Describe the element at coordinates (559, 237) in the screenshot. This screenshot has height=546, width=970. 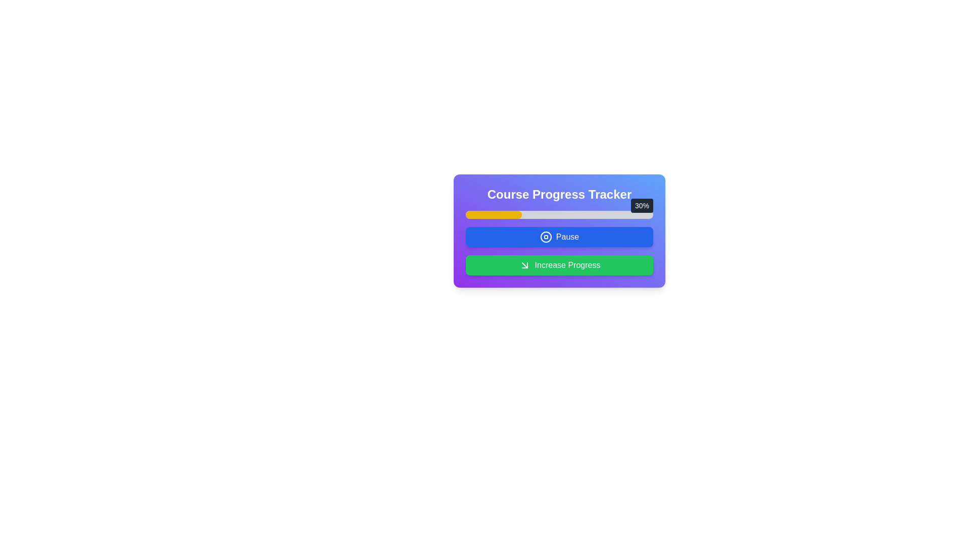
I see `the pause button located in the center of the card, directly below the progress bar and above the 'Increase Progress' button, to observe the hover effects` at that location.